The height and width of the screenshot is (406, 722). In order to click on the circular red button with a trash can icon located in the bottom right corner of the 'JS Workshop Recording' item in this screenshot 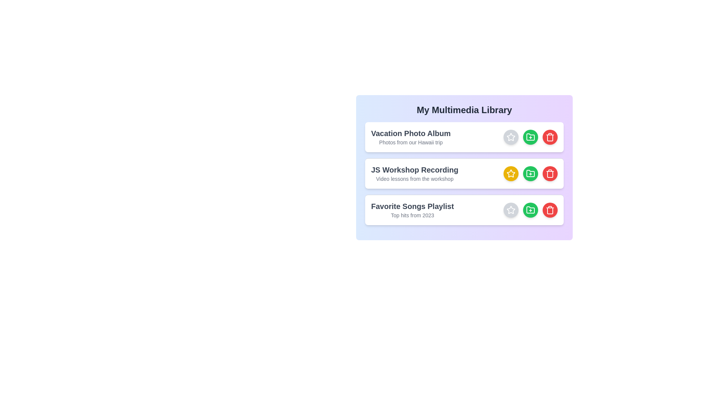, I will do `click(550, 174)`.